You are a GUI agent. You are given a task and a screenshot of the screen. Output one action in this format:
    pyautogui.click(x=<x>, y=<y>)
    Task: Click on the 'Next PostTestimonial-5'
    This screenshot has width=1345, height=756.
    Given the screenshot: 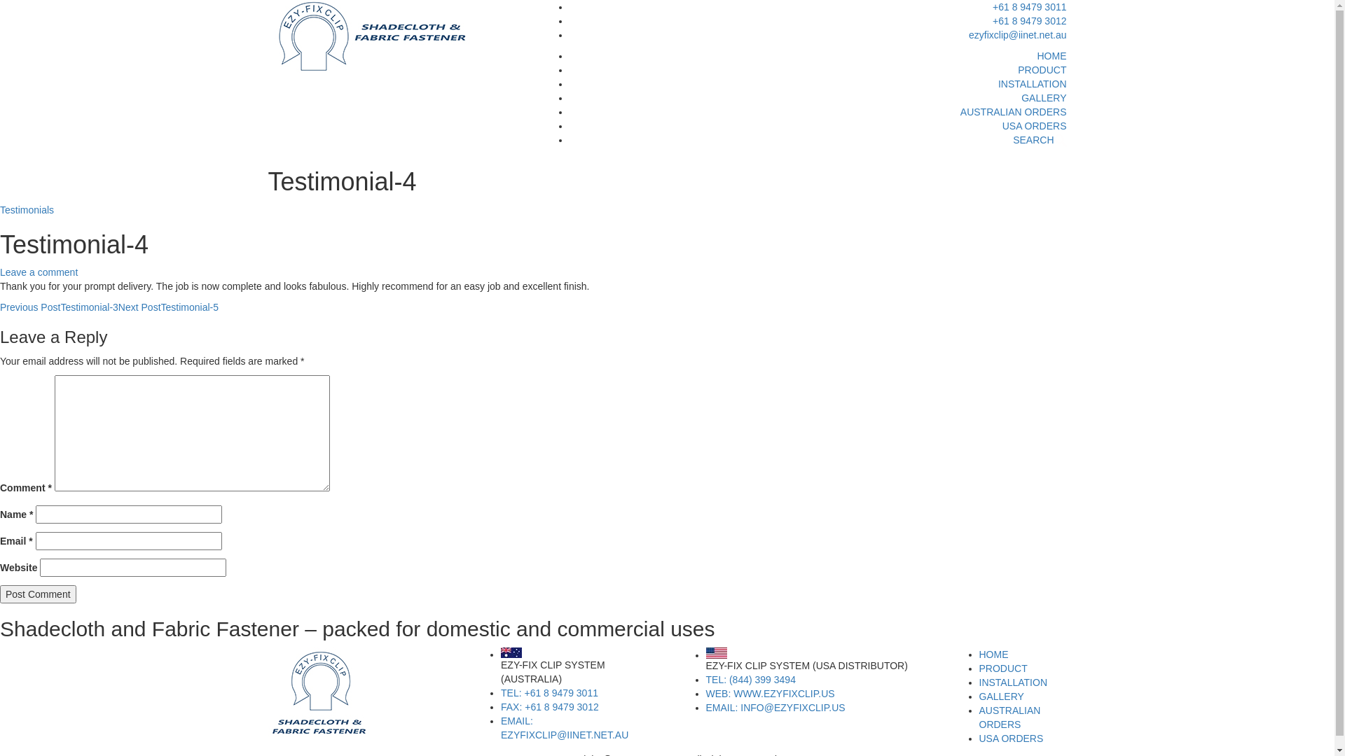 What is the action you would take?
    pyautogui.click(x=168, y=307)
    